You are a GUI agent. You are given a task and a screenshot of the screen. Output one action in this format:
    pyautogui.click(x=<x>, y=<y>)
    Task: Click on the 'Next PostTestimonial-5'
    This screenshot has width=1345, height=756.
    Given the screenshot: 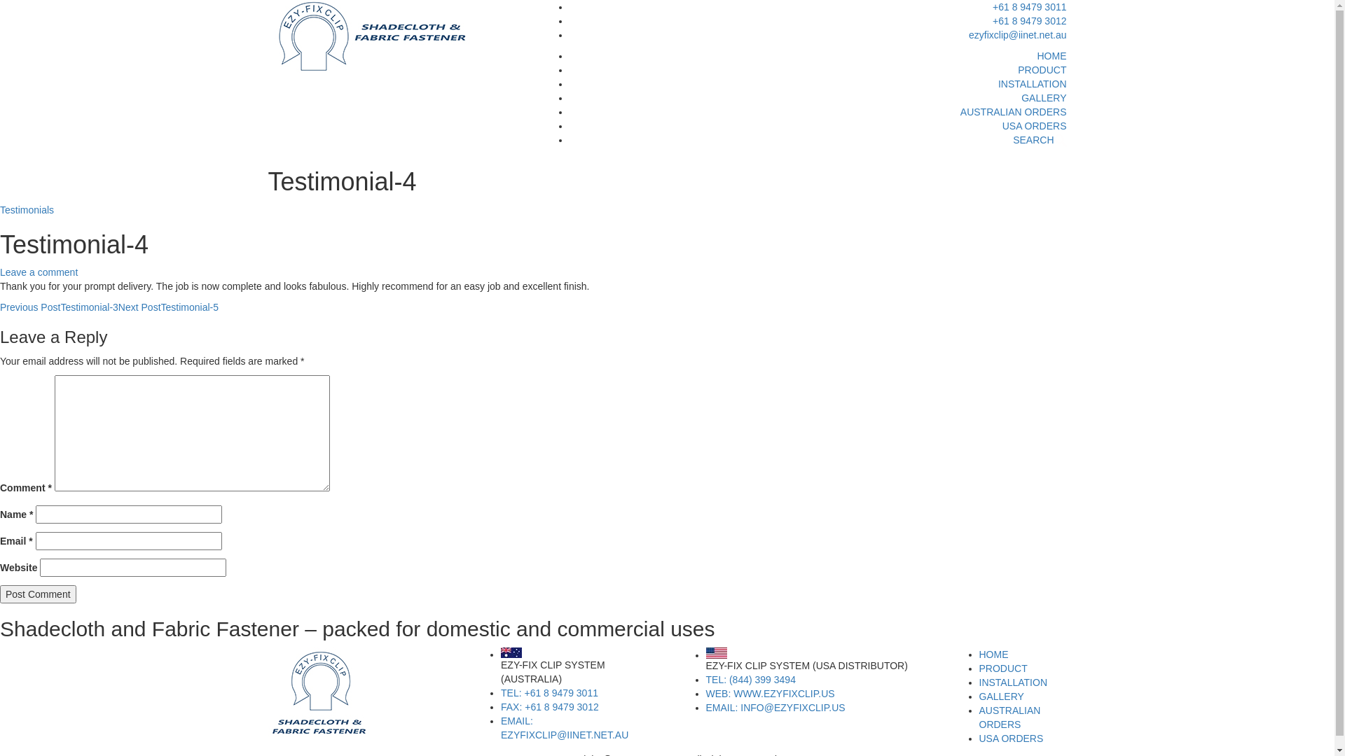 What is the action you would take?
    pyautogui.click(x=168, y=307)
    